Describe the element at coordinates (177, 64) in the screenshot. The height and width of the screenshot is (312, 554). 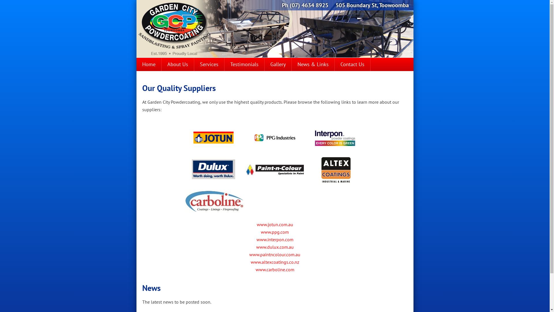
I see `'About Us'` at that location.